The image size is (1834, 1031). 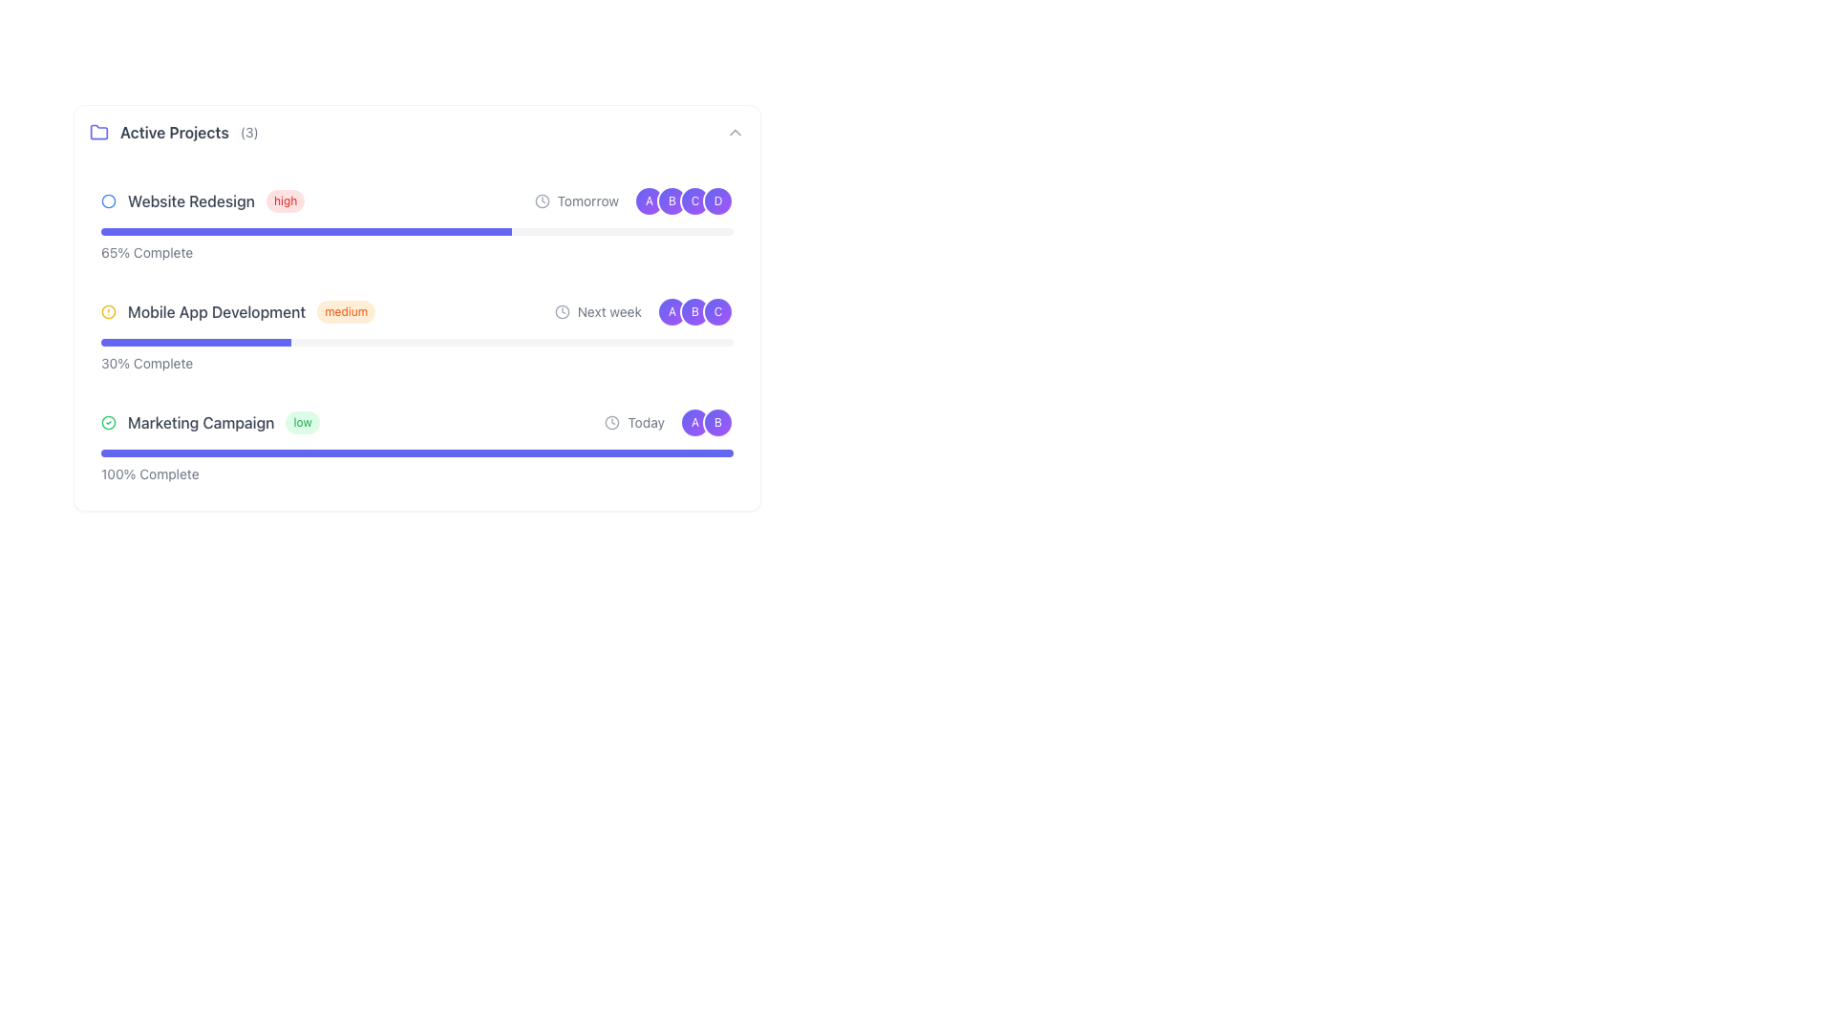 I want to click on the first row of the 'Active Projects' section representing the project named 'Website Redesign', so click(x=317, y=201).